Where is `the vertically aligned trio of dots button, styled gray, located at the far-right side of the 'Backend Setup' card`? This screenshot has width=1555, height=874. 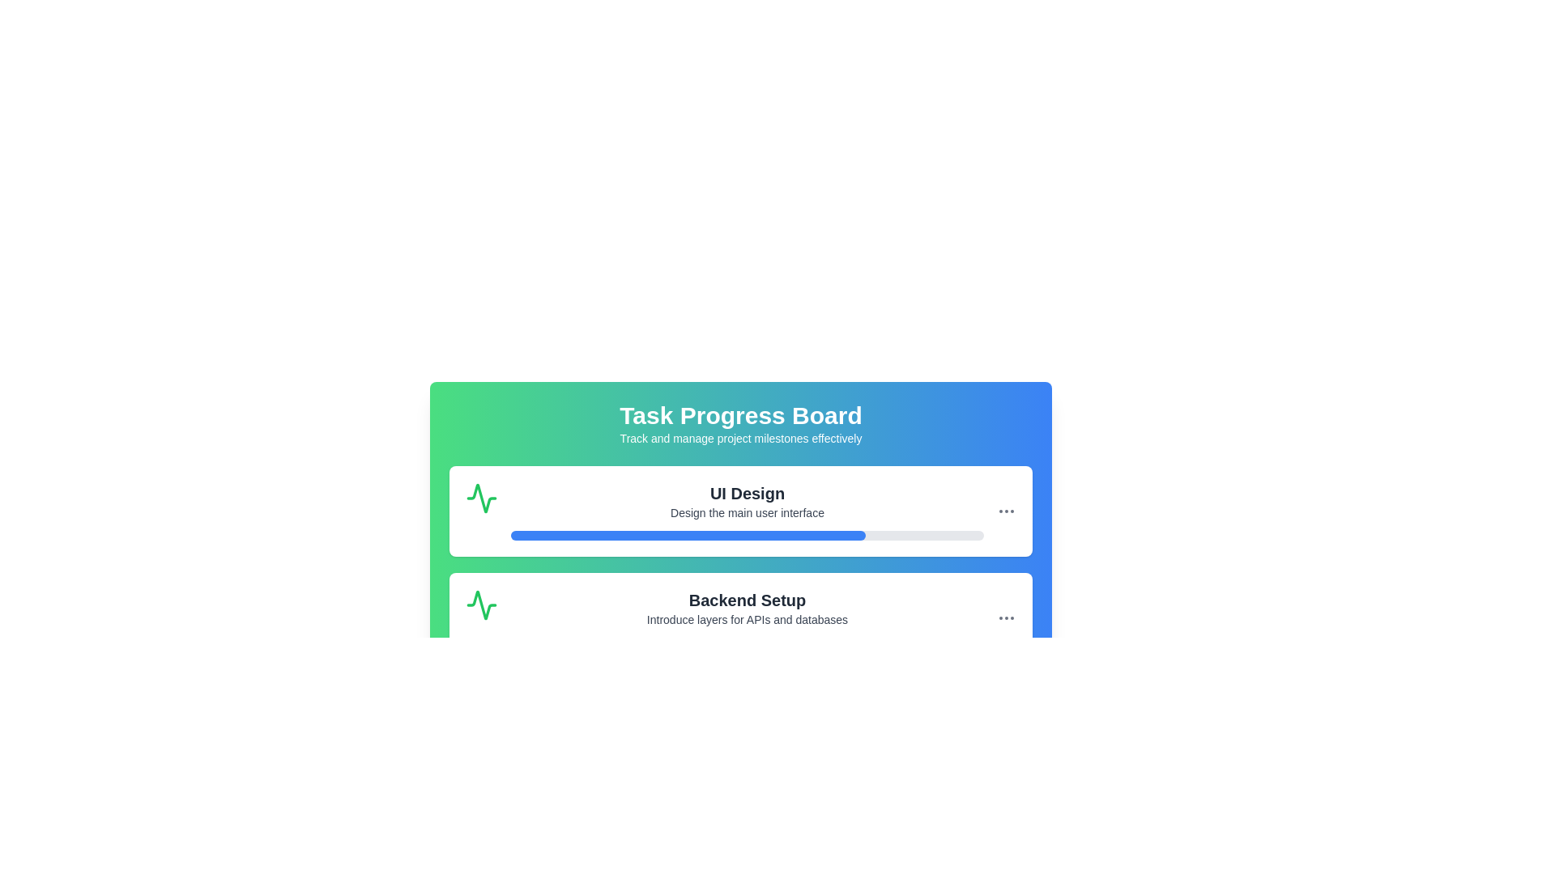
the vertically aligned trio of dots button, styled gray, located at the far-right side of the 'Backend Setup' card is located at coordinates (1006, 617).